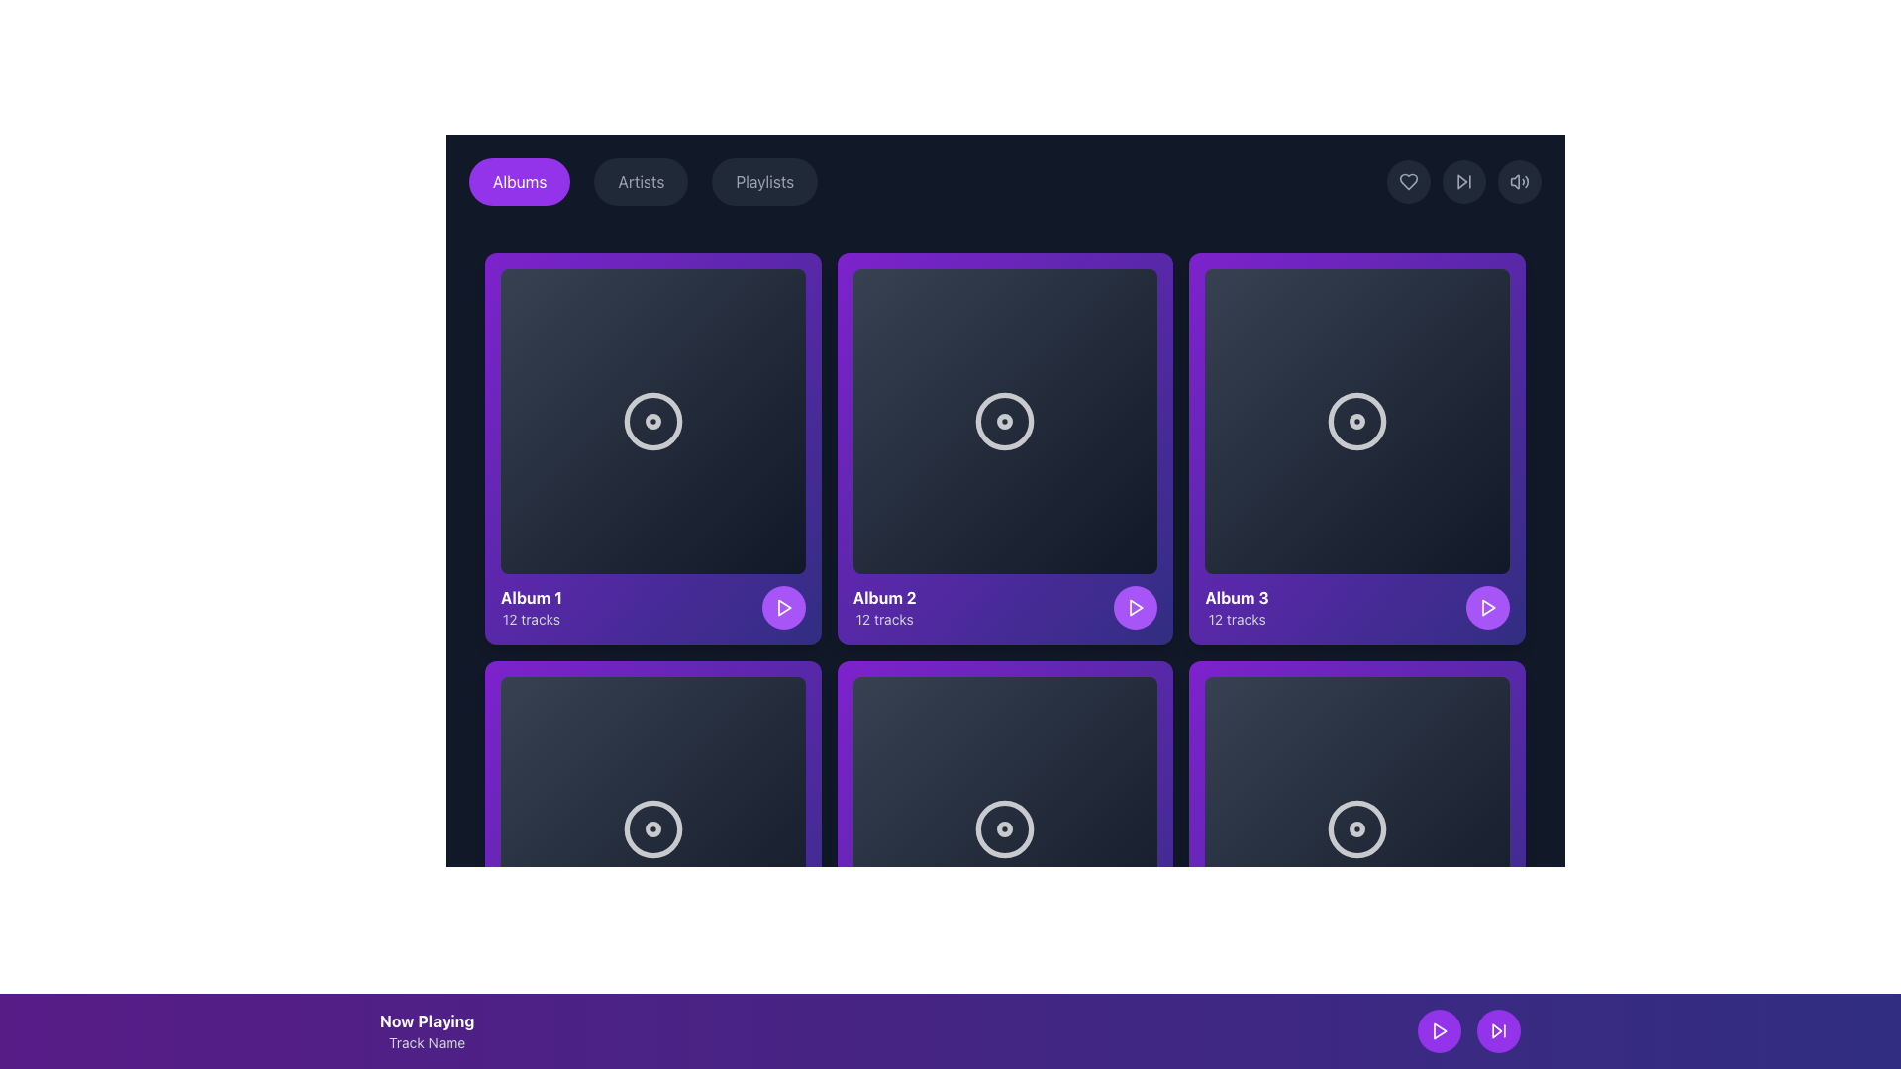  What do you see at coordinates (1236, 618) in the screenshot?
I see `text label indicating the number of tracks present in the associated album, which is positioned beneath 'Album 3' in the Albums section` at bounding box center [1236, 618].